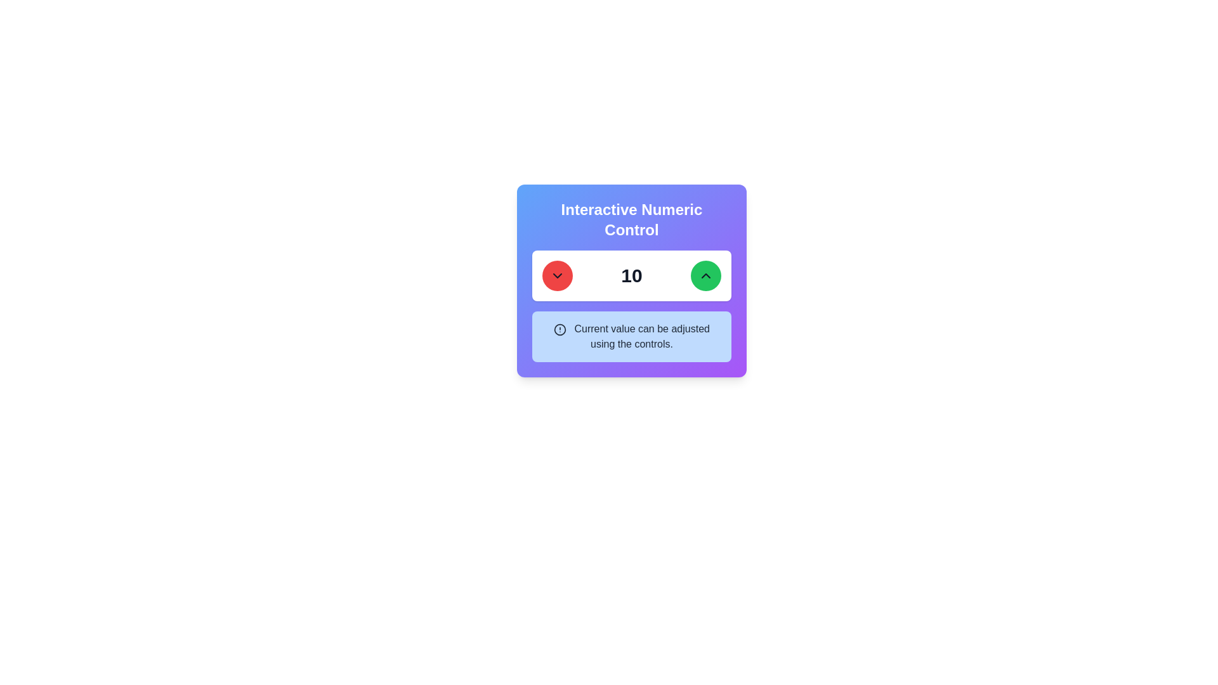  Describe the element at coordinates (705, 275) in the screenshot. I see `the circular green button with a black upward arrow icon to observe the hover effect` at that location.